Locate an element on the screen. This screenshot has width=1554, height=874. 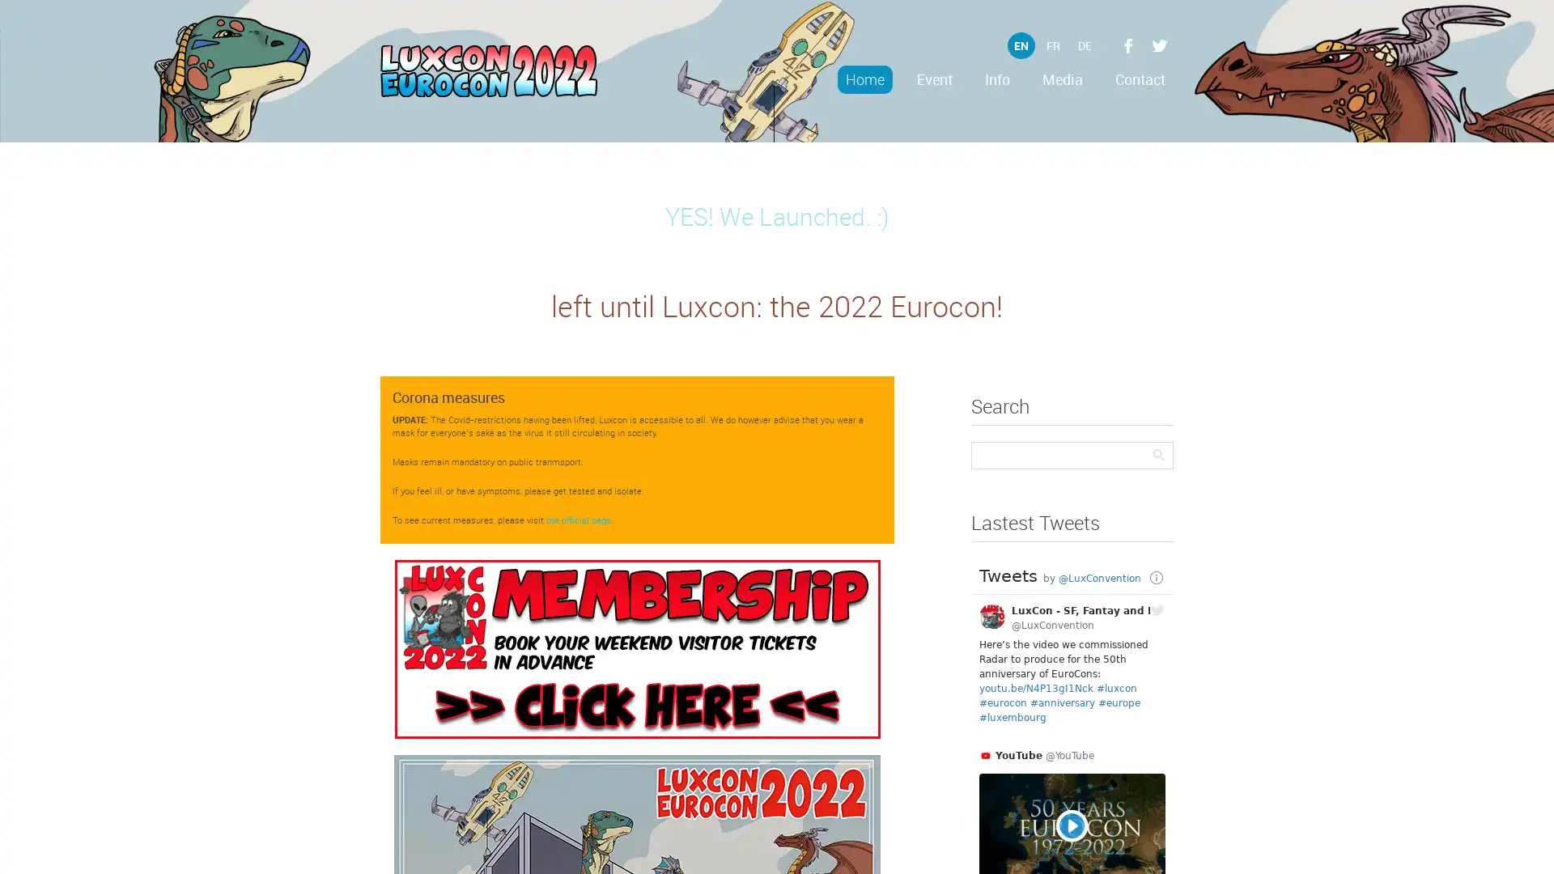
Search is located at coordinates (1159, 455).